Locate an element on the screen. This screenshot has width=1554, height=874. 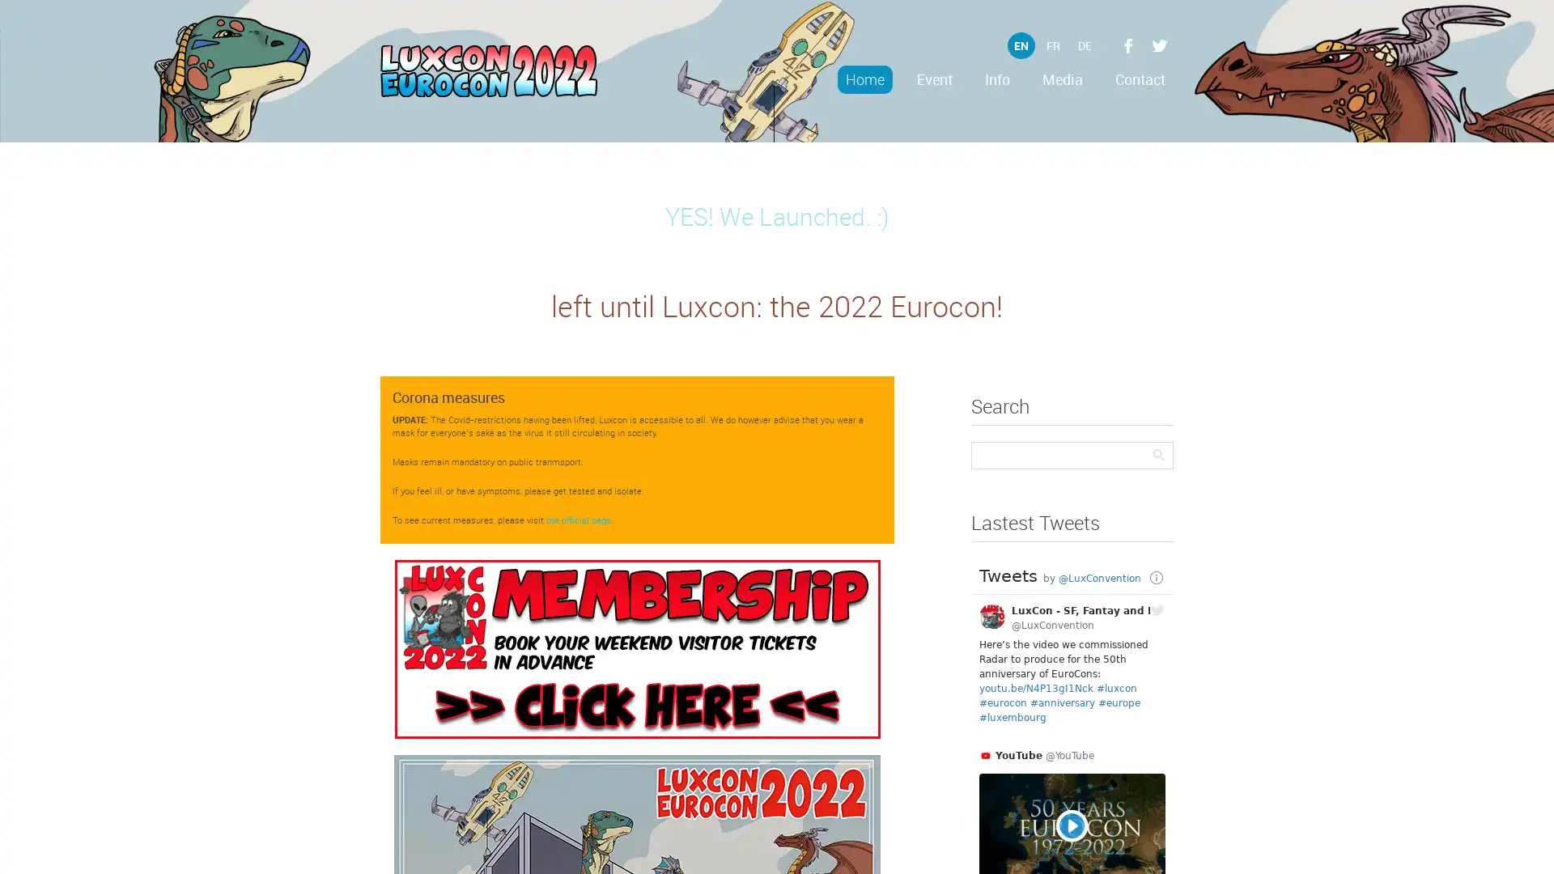
Search is located at coordinates (1159, 455).